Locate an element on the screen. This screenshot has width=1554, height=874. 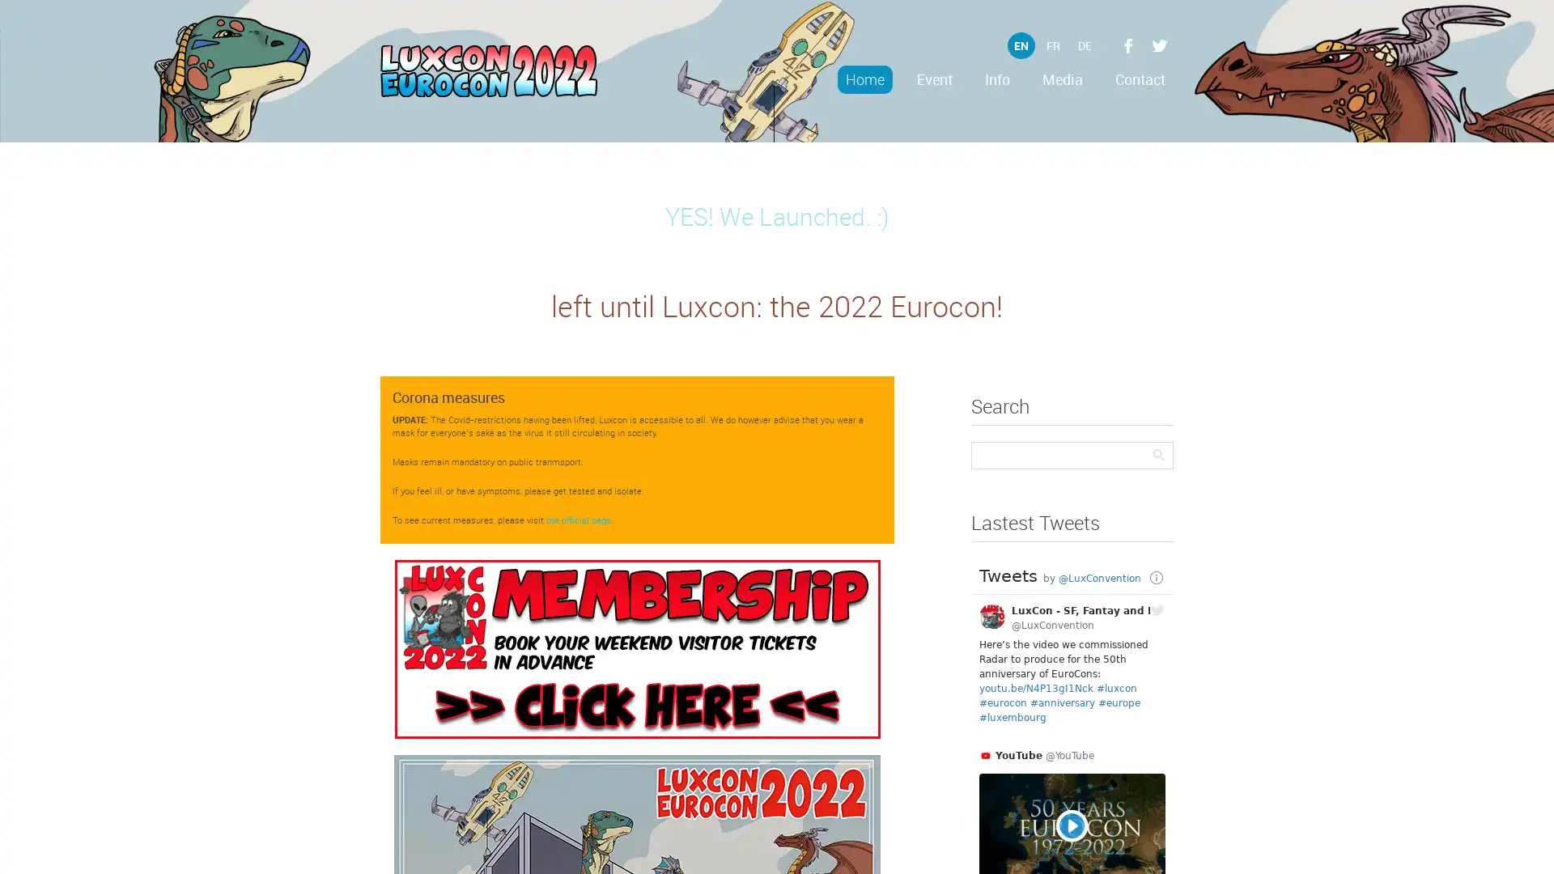
Search is located at coordinates (1159, 455).